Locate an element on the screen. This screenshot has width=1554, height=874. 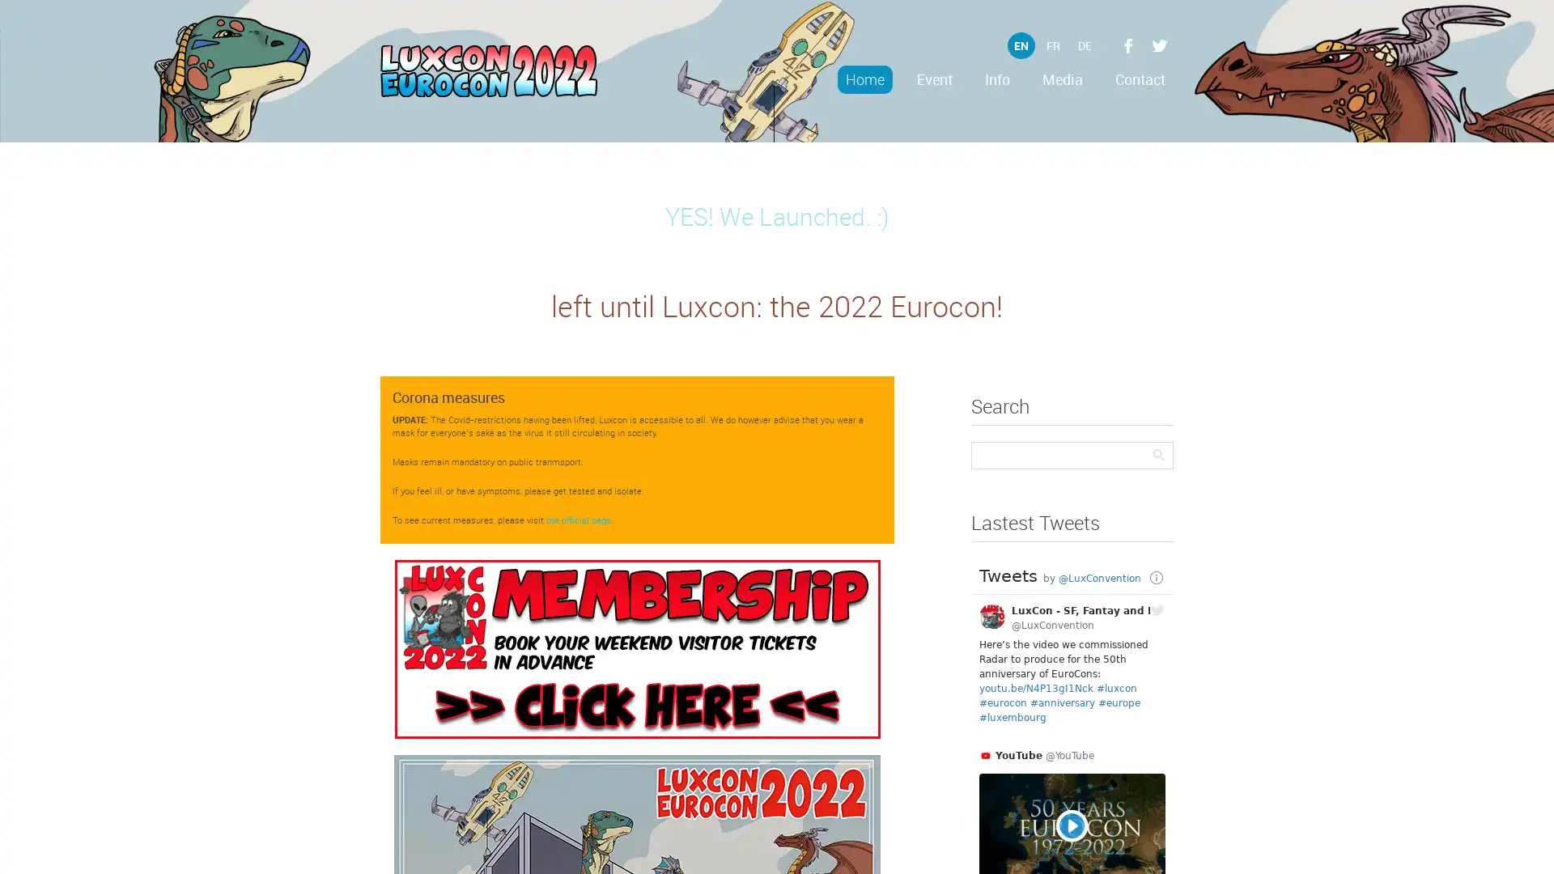
Search is located at coordinates (1159, 455).